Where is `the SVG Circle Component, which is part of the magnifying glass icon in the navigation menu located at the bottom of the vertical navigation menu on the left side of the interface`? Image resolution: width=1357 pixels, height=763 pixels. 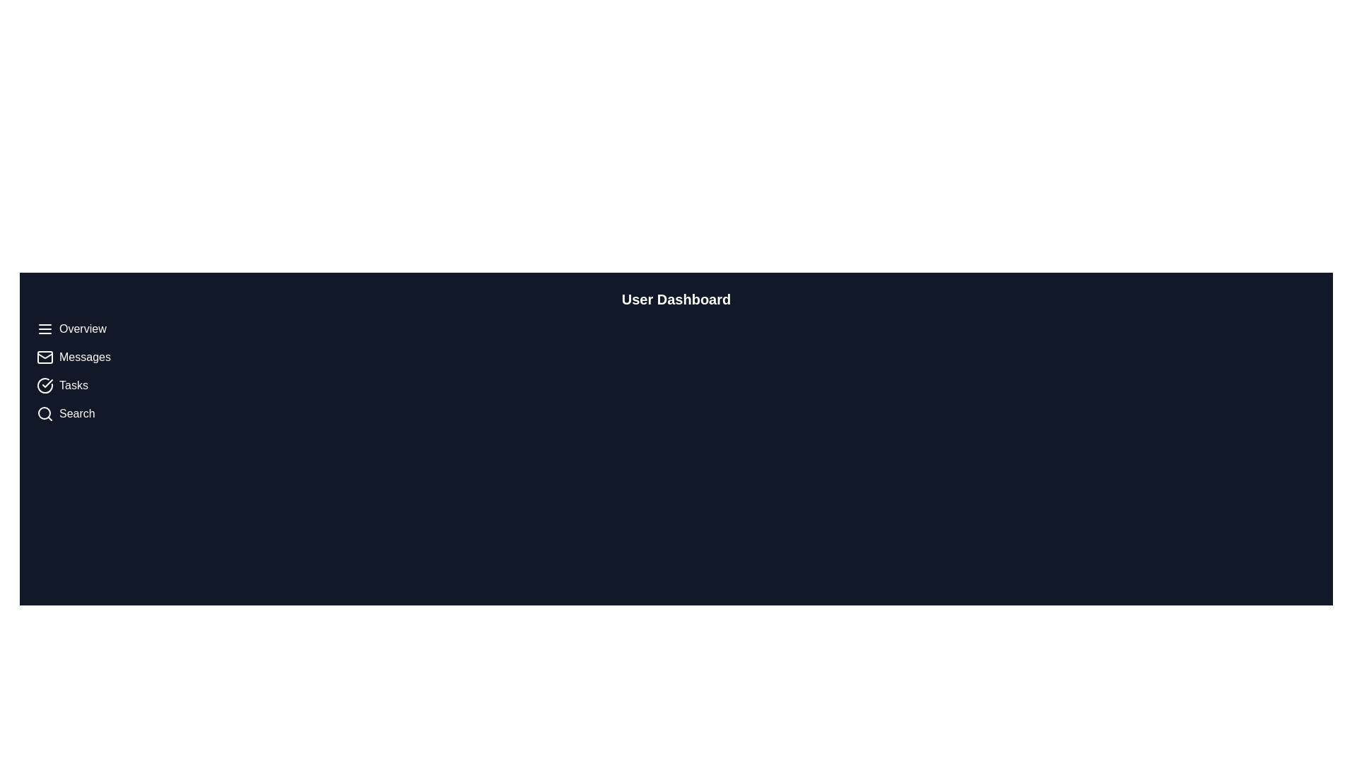
the SVG Circle Component, which is part of the magnifying glass icon in the navigation menu located at the bottom of the vertical navigation menu on the left side of the interface is located at coordinates (44, 413).